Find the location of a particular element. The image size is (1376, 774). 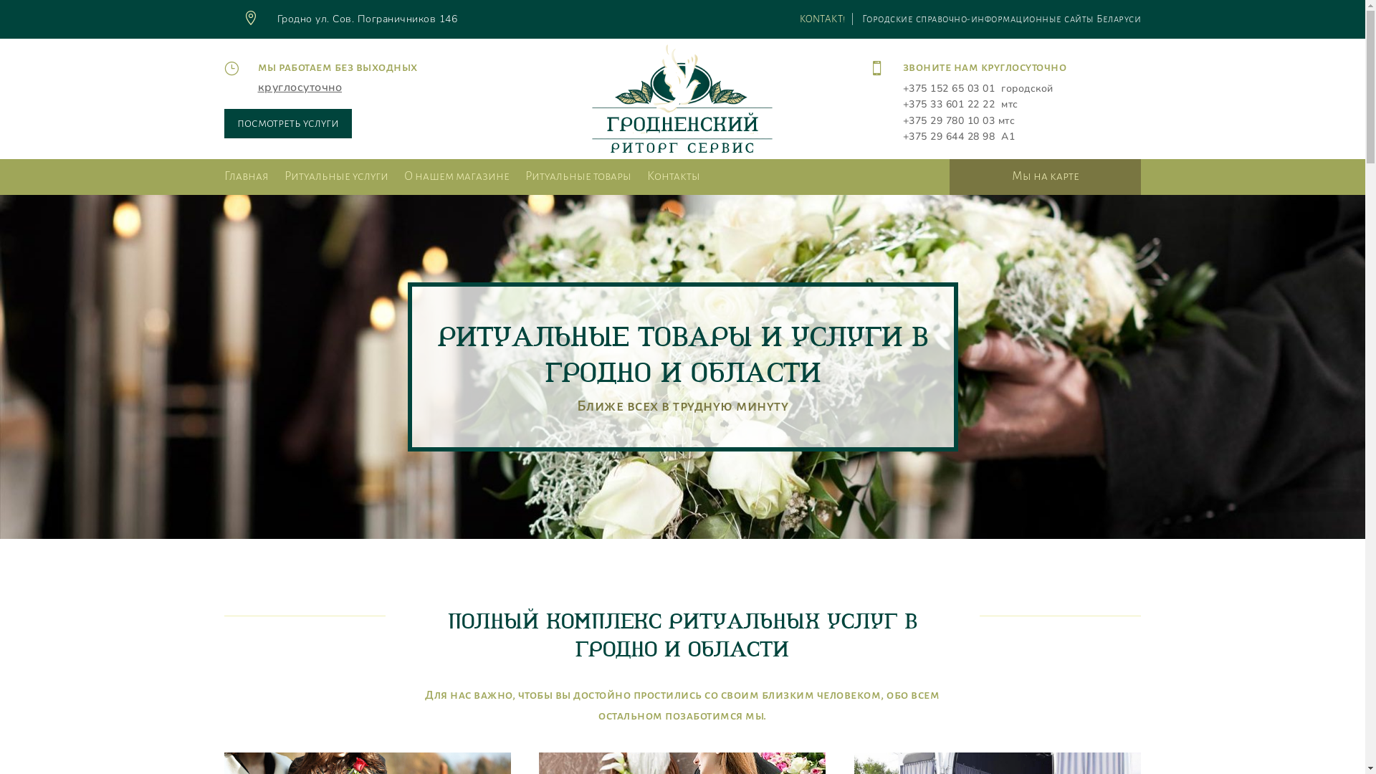

'KONTAKT!' is located at coordinates (822, 19).